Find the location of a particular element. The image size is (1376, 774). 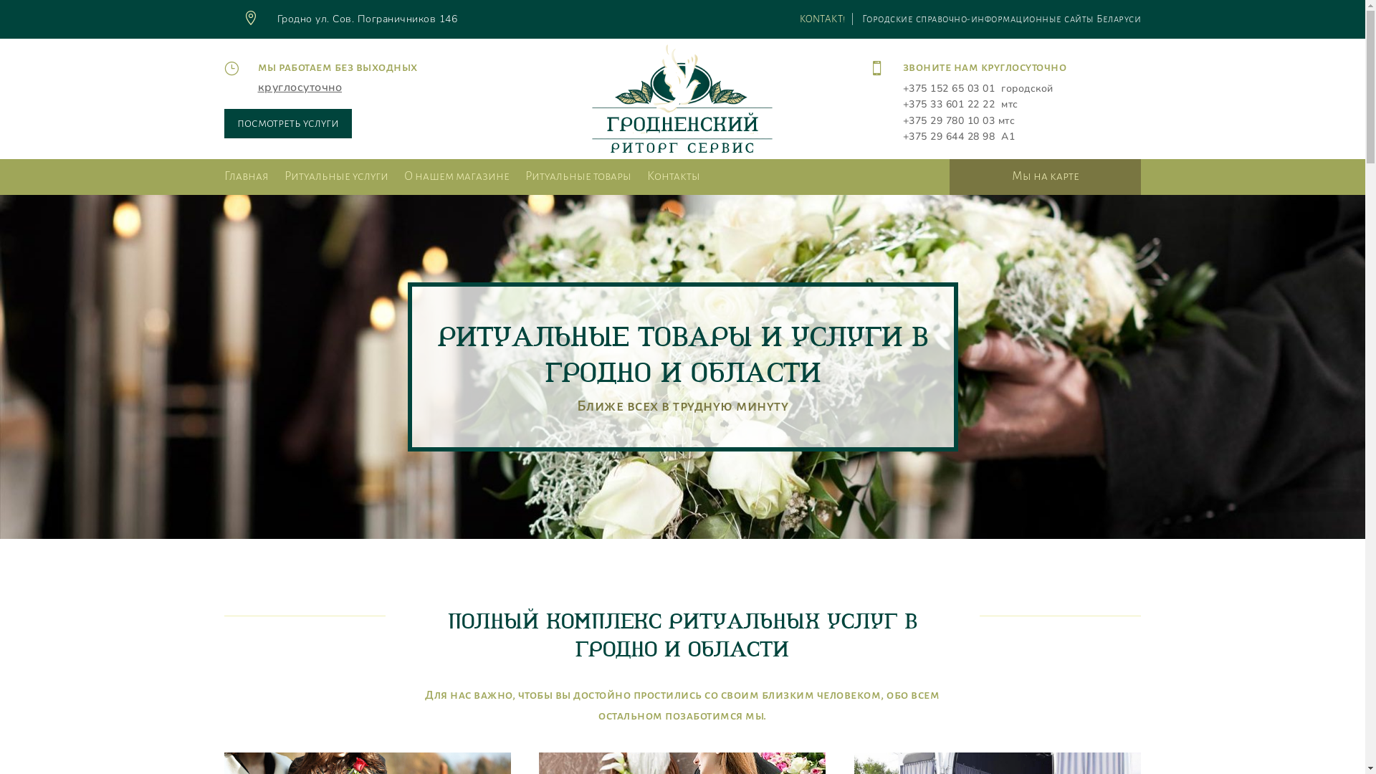

'KONTAKT!' is located at coordinates (822, 19).